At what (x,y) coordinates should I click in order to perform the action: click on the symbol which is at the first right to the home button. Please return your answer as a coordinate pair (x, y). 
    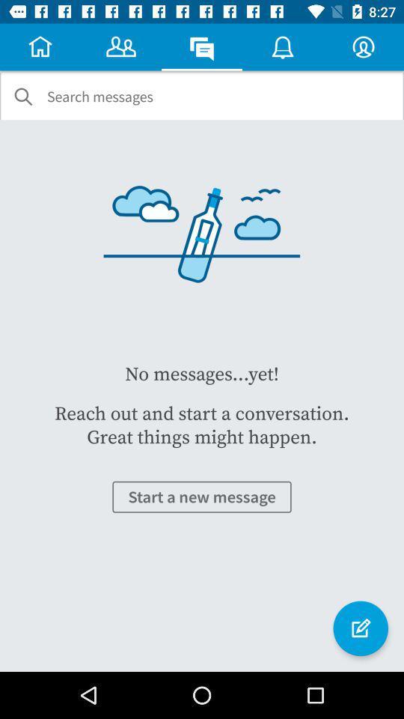
    Looking at the image, I should click on (120, 46).